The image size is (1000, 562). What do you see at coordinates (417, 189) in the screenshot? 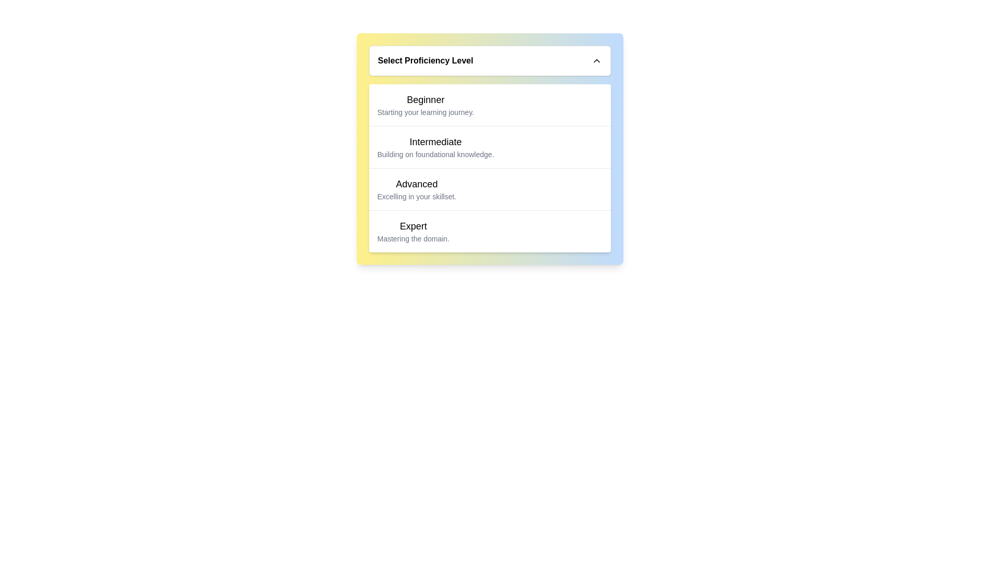
I see `to select the 'Advanced' proficiency level from the vertically-arranged menu in the 'Select Proficiency Level' section` at bounding box center [417, 189].